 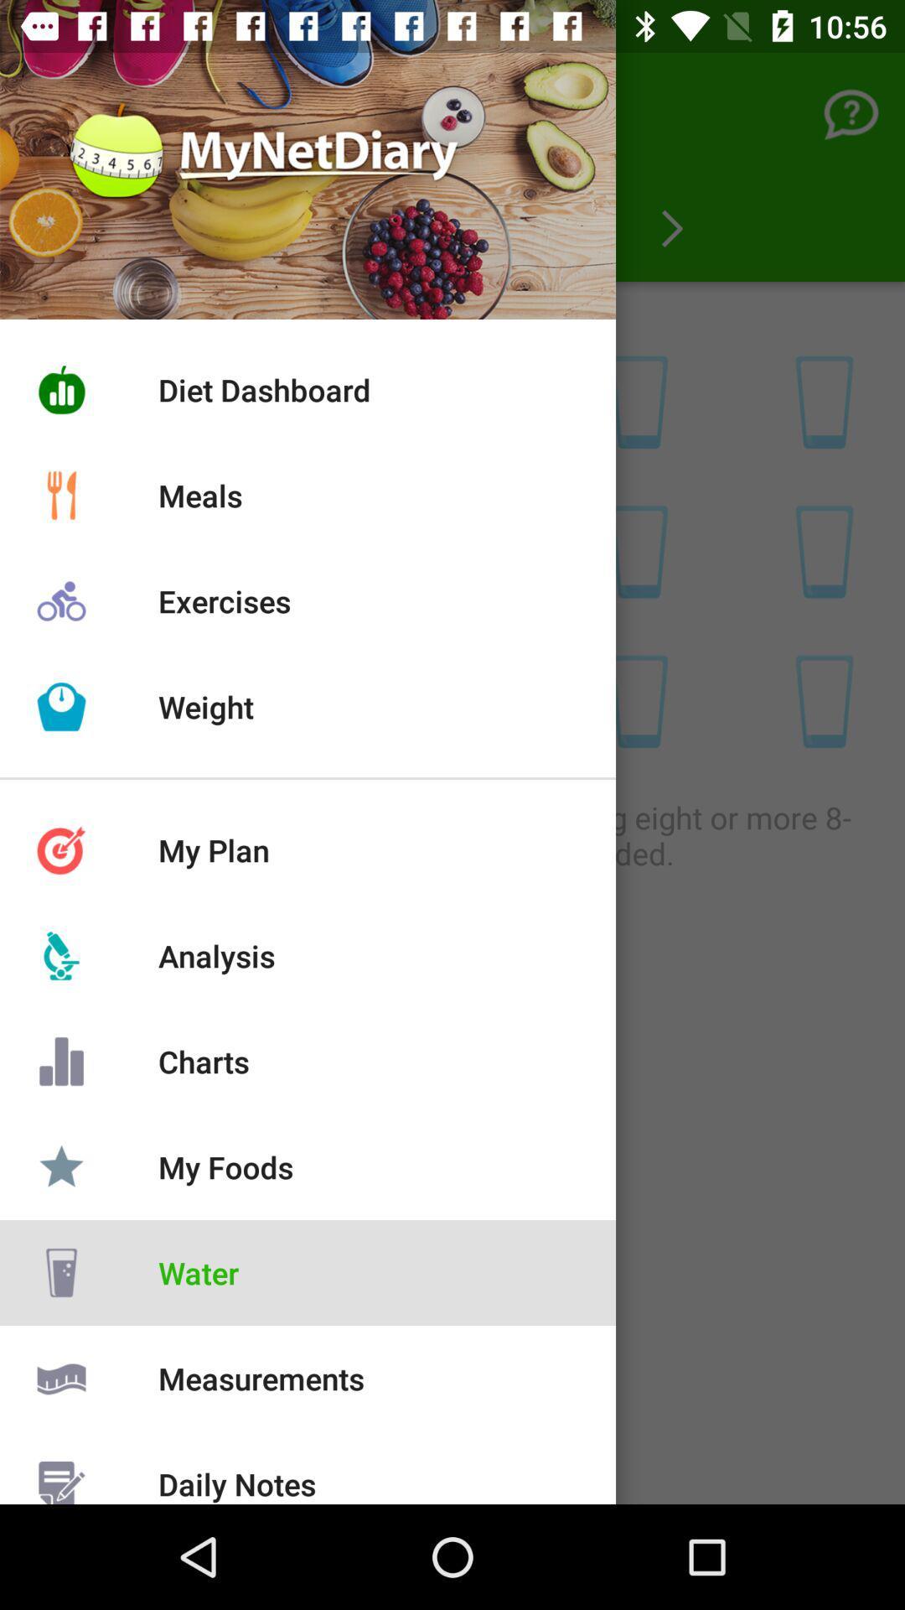 I want to click on the arrow_forward icon, so click(x=671, y=228).